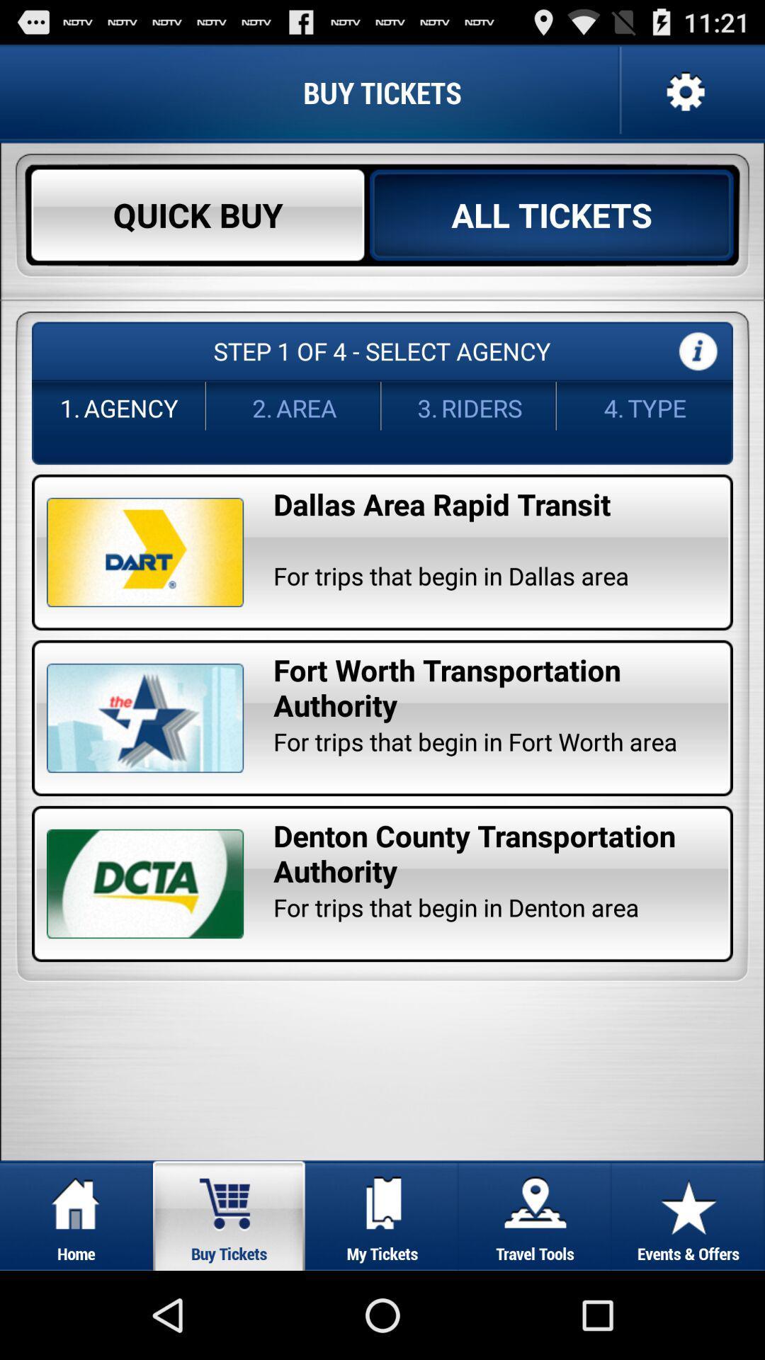 This screenshot has width=765, height=1360. What do you see at coordinates (697, 375) in the screenshot?
I see `the info icon` at bounding box center [697, 375].